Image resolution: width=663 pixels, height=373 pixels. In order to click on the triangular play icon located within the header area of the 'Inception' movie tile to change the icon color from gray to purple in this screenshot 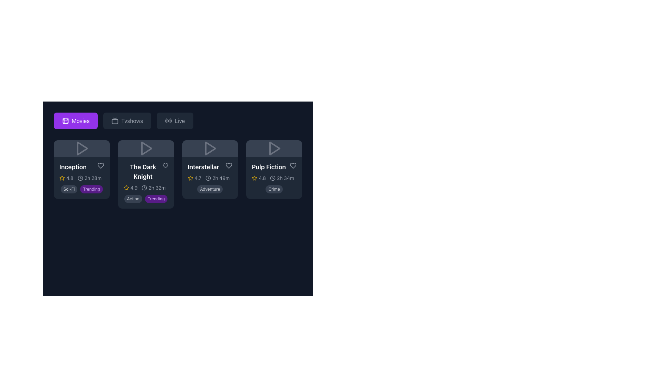, I will do `click(82, 148)`.